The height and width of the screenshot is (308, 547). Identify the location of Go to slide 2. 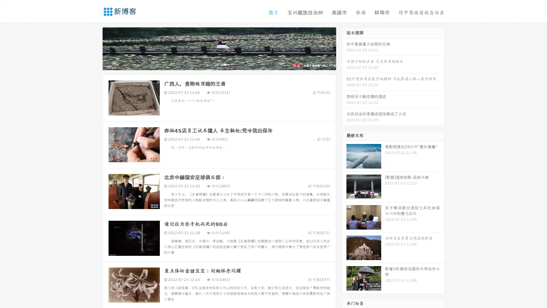
(219, 64).